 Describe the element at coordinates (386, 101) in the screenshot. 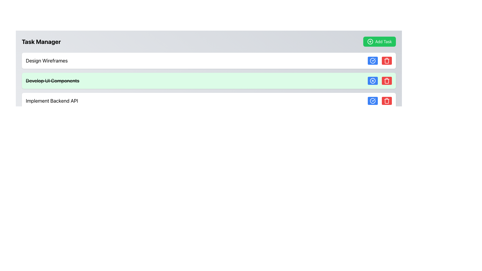

I see `the trash icon button located at the far-right of the row for the task labeled 'Develop UI Components'` at that location.